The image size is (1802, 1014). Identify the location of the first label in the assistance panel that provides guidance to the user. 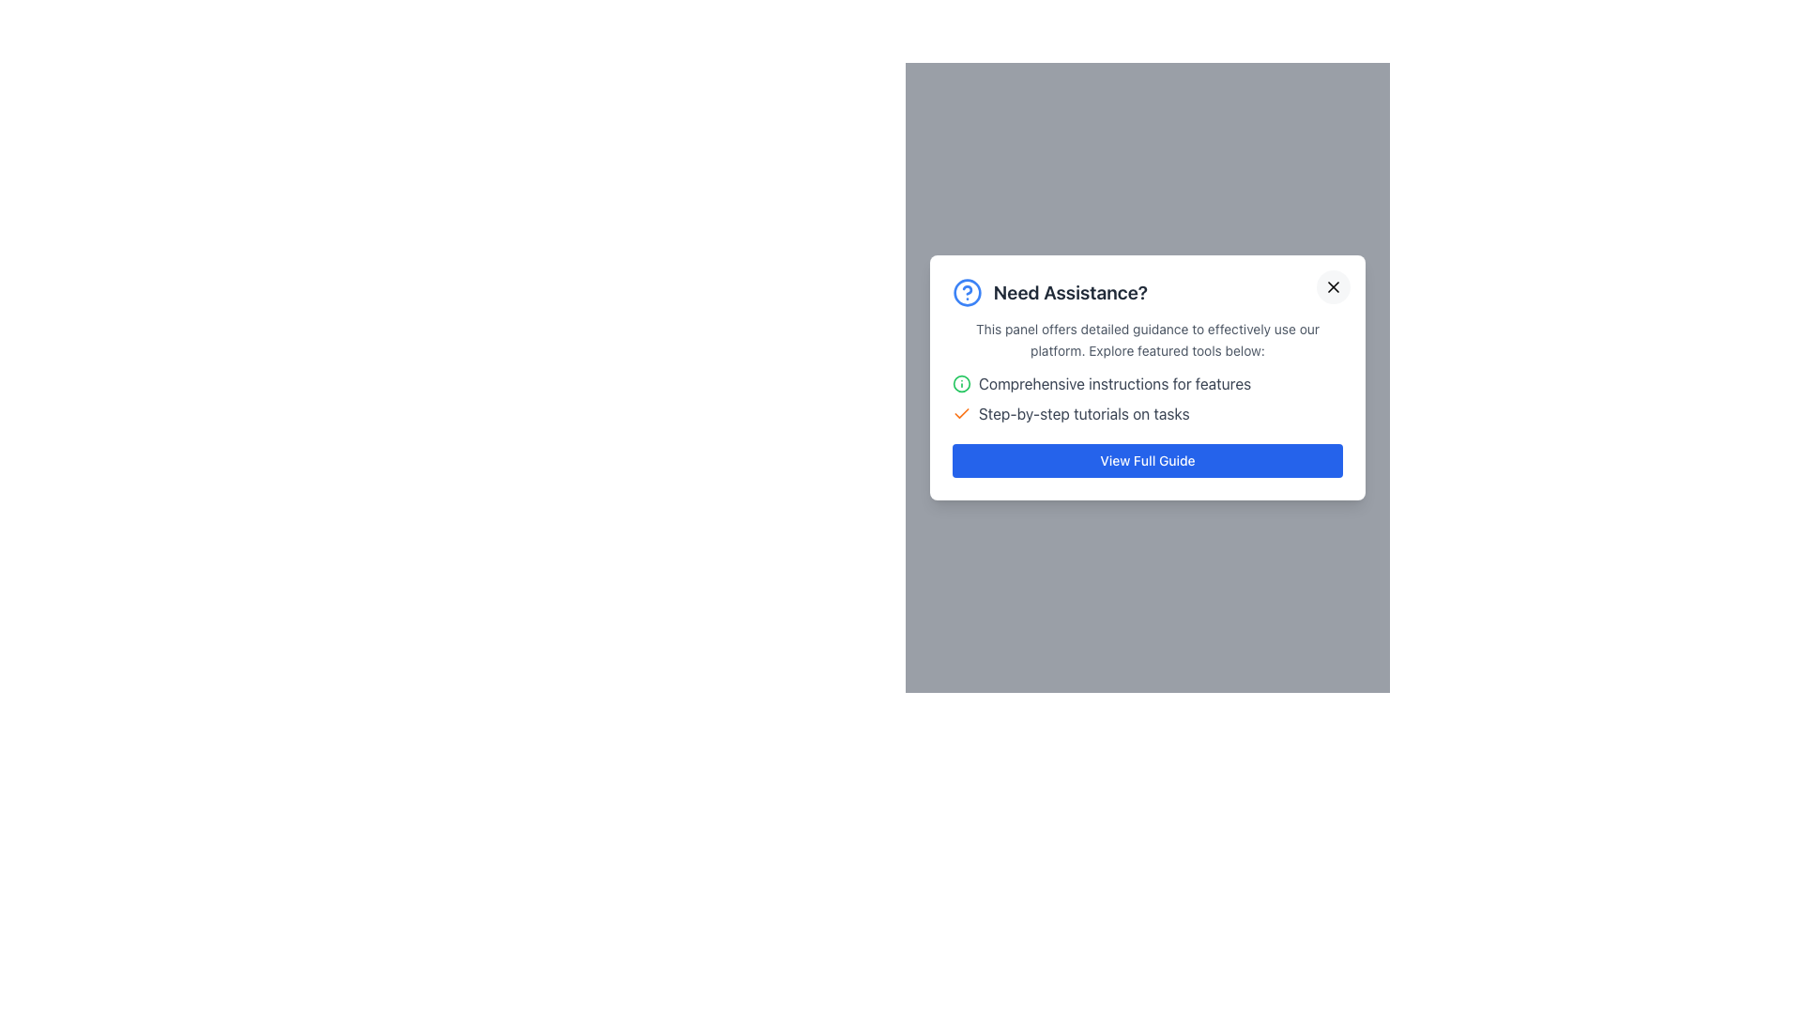
(1147, 383).